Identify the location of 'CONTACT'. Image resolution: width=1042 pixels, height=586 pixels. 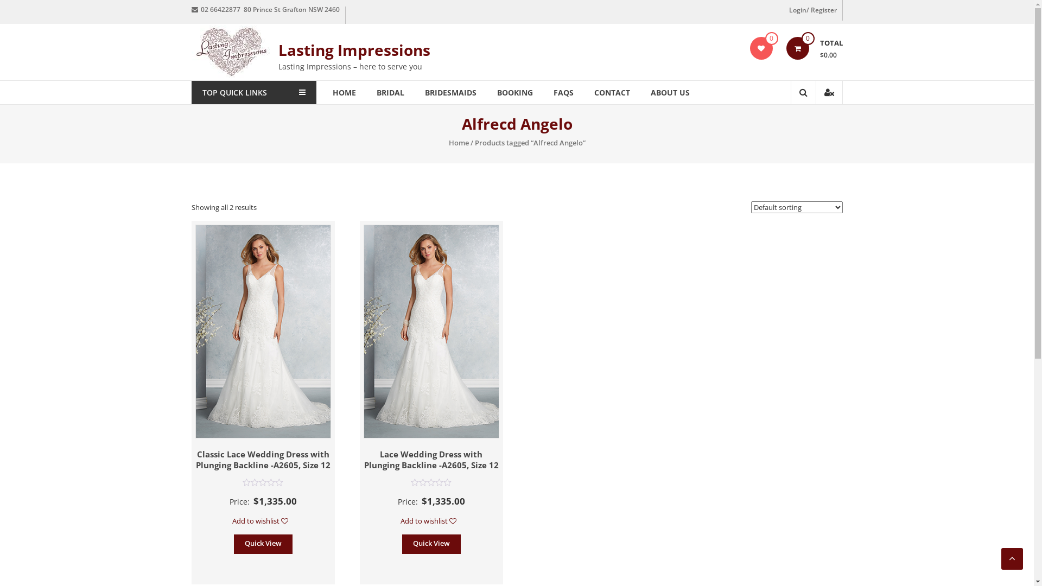
(612, 92).